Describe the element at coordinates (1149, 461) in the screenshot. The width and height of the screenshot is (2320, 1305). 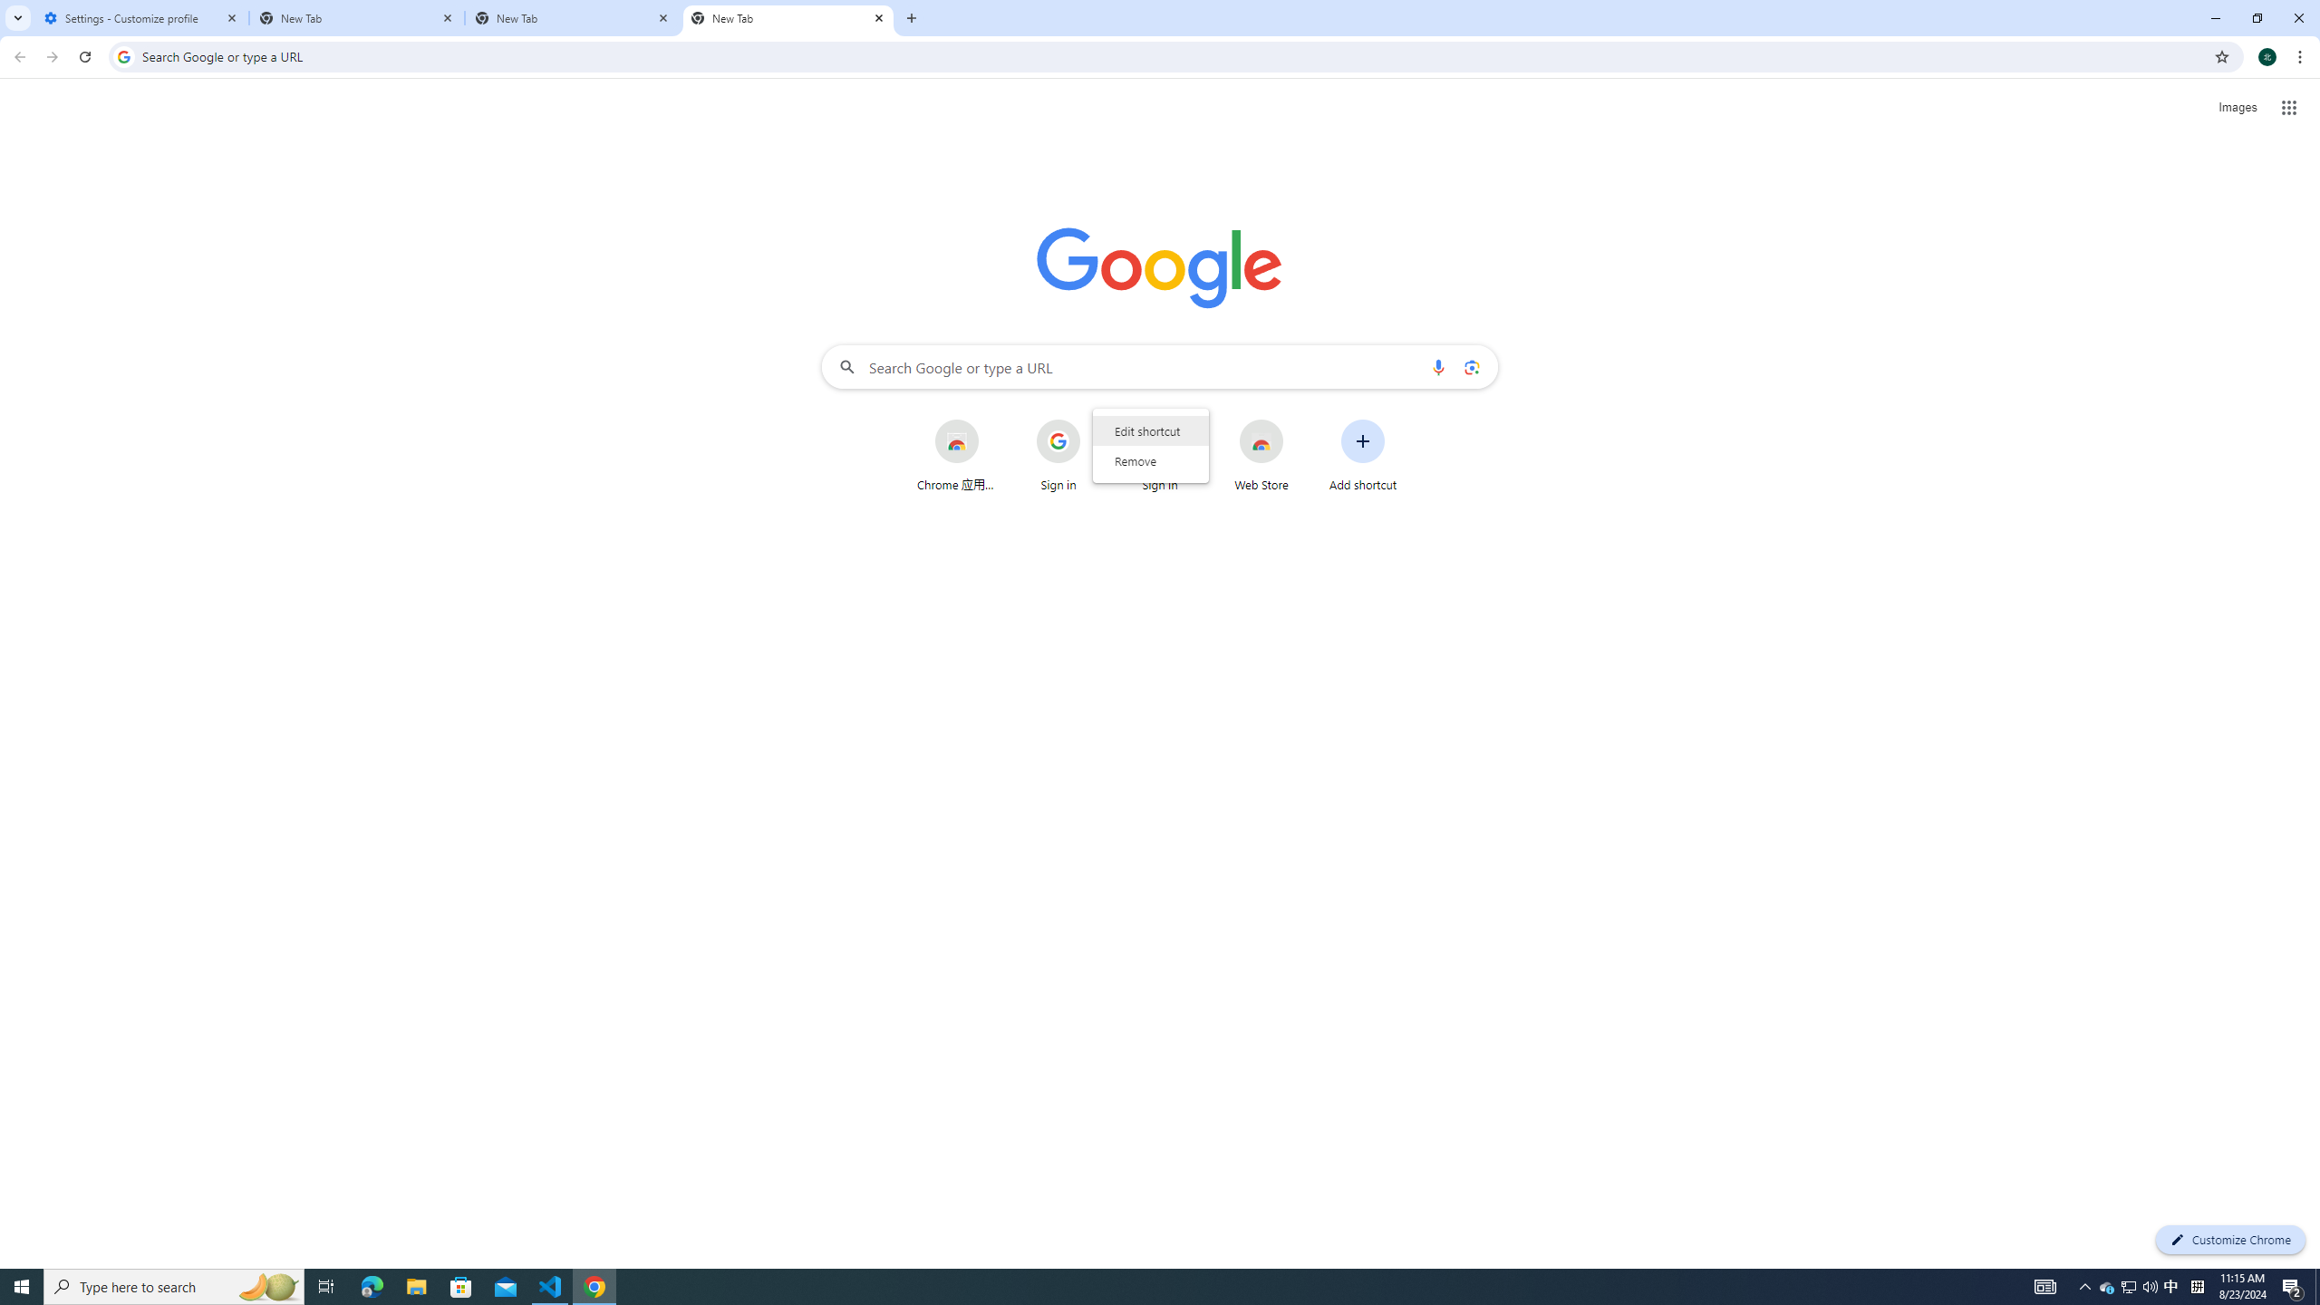
I see `'Remove'` at that location.